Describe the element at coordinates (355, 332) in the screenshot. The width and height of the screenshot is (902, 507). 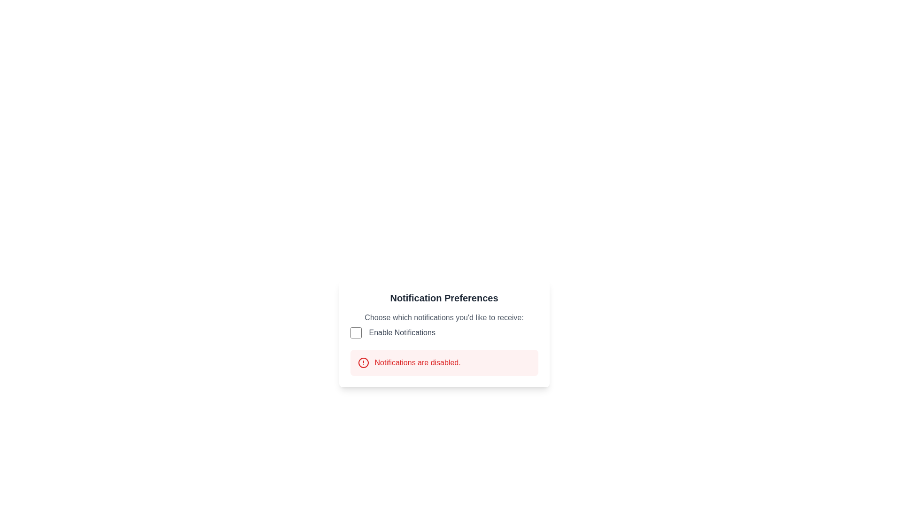
I see `the small square checkbox with a blue accent to check or uncheck it, located to the left of the 'Enable Notifications' label within the 'Notification Preferences' card` at that location.